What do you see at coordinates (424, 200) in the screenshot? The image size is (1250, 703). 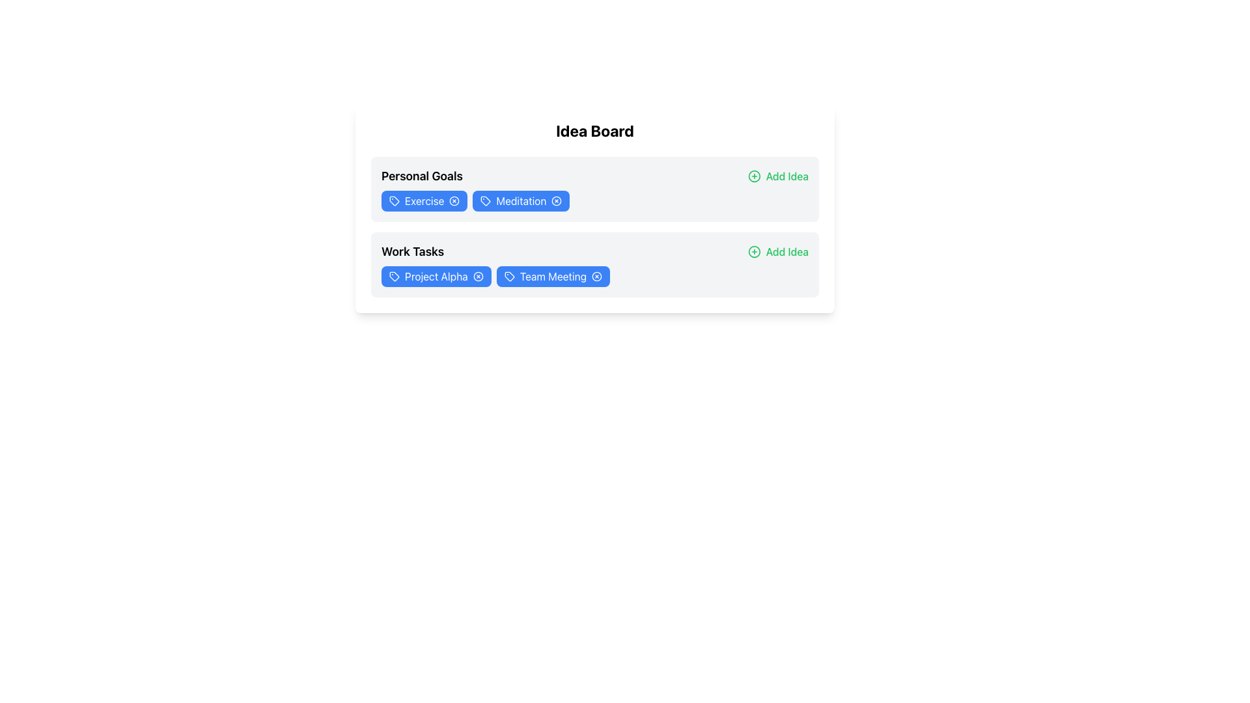 I see `the 'Exercise' button, which is the first button` at bounding box center [424, 200].